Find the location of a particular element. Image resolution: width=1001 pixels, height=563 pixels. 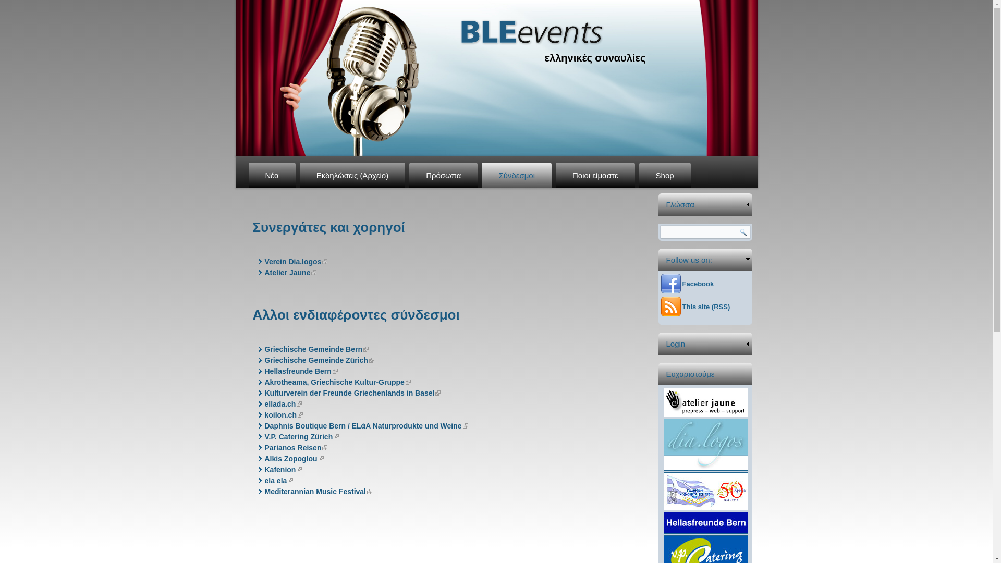

'Atelier Jaune is located at coordinates (290, 272).